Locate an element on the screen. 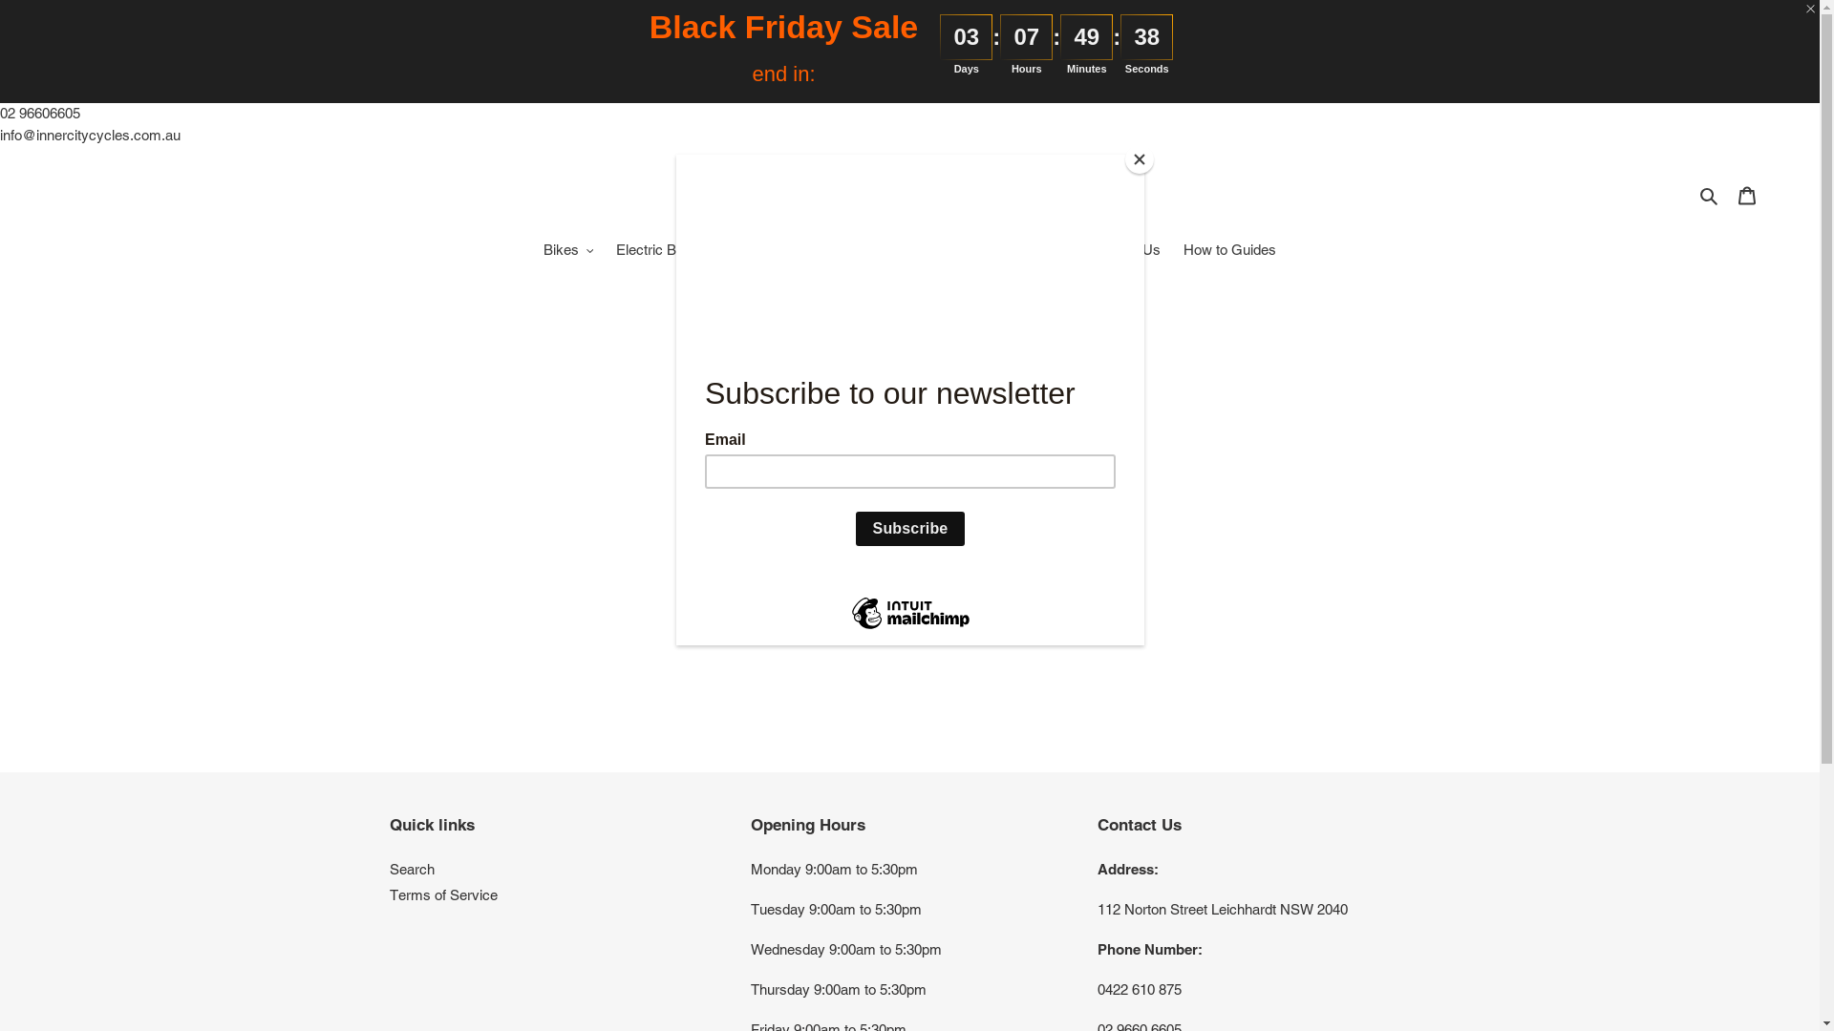 The height and width of the screenshot is (1031, 1834). 'Parts' is located at coordinates (956, 249).